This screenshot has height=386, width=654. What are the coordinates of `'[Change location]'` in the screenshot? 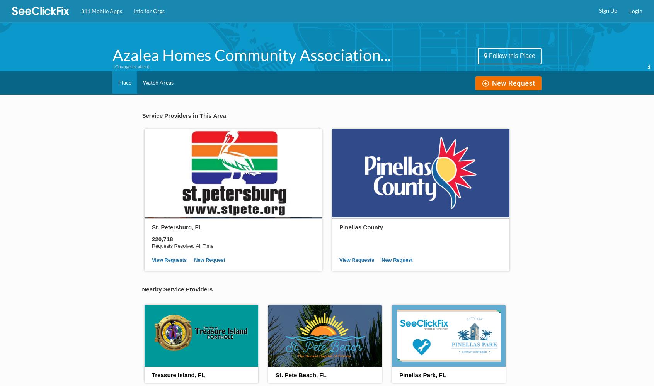 It's located at (131, 66).